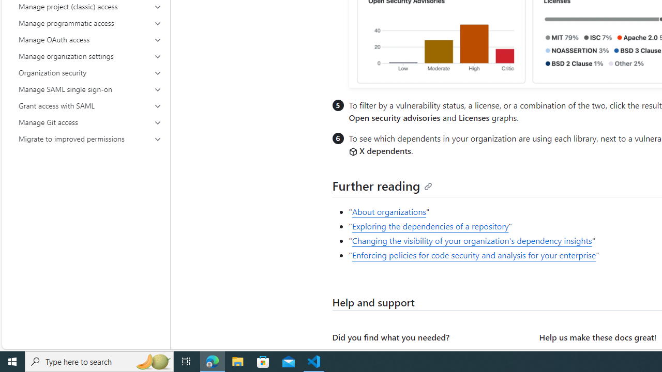  I want to click on 'Manage programmatic access', so click(90, 23).